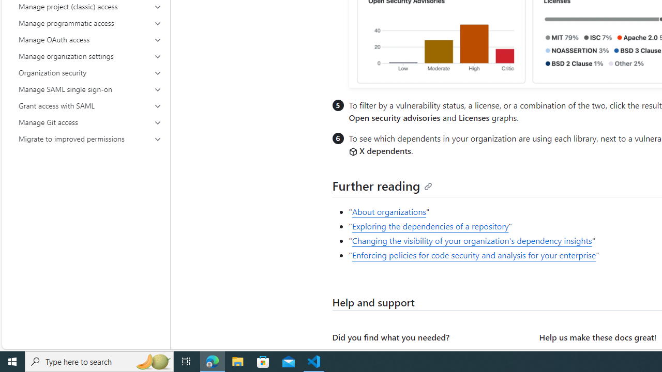  I want to click on 'Manage programmatic access', so click(90, 23).